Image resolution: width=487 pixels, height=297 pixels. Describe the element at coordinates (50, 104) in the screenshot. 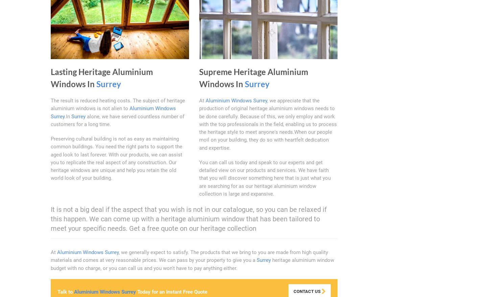

I see `'The result is reduced heating costs. The subject of heritage aluminium windows is not alien to'` at that location.